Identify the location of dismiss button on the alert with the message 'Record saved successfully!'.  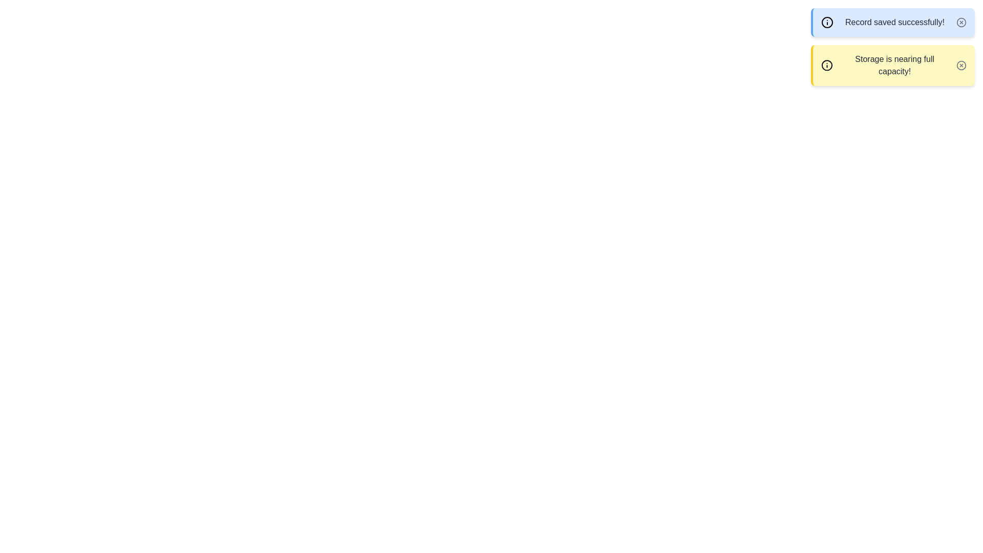
(960, 22).